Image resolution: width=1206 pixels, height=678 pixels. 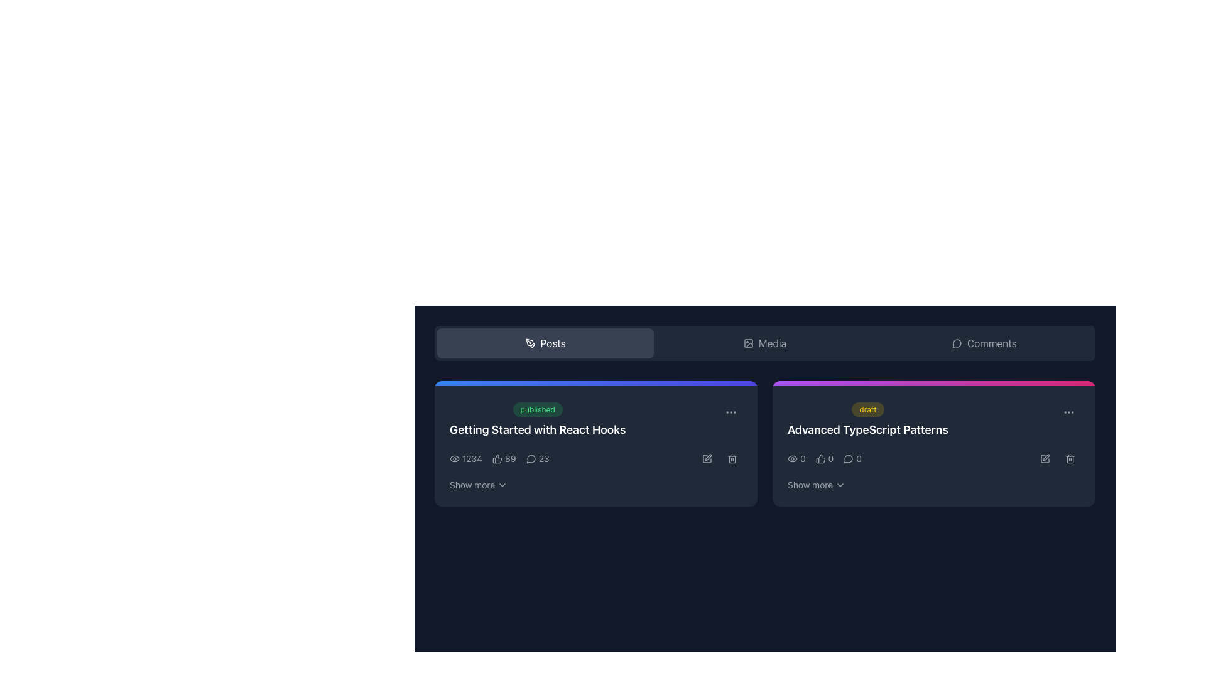 I want to click on the eye icon located in the footer area of the card displaying 'Advanced TypeScript Patterns'. This icon is the first element in a horizontally aligned group of icons and text, so click(x=792, y=459).